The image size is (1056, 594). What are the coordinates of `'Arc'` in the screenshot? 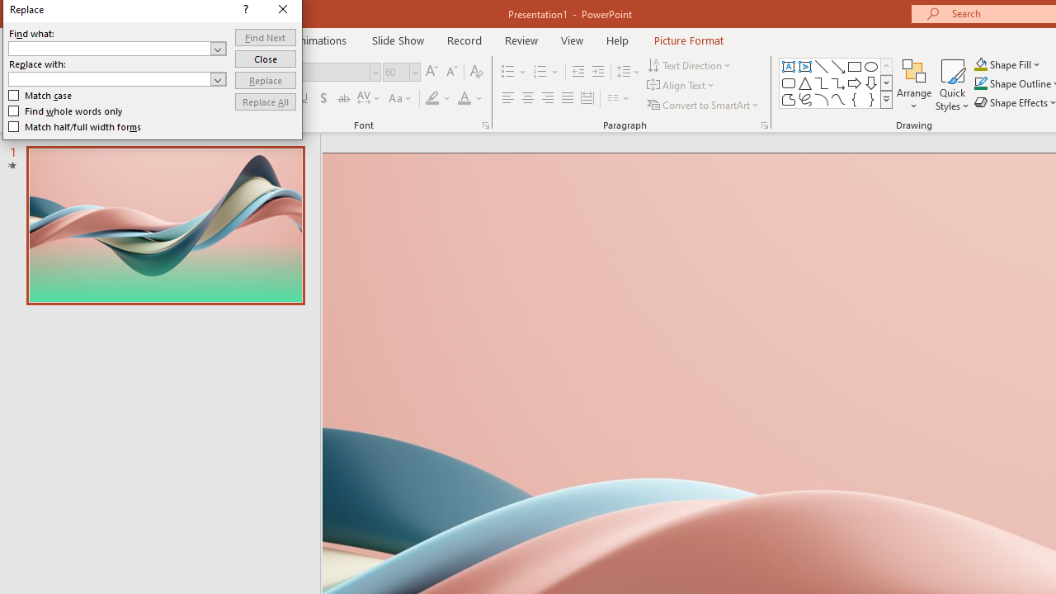 It's located at (821, 99).